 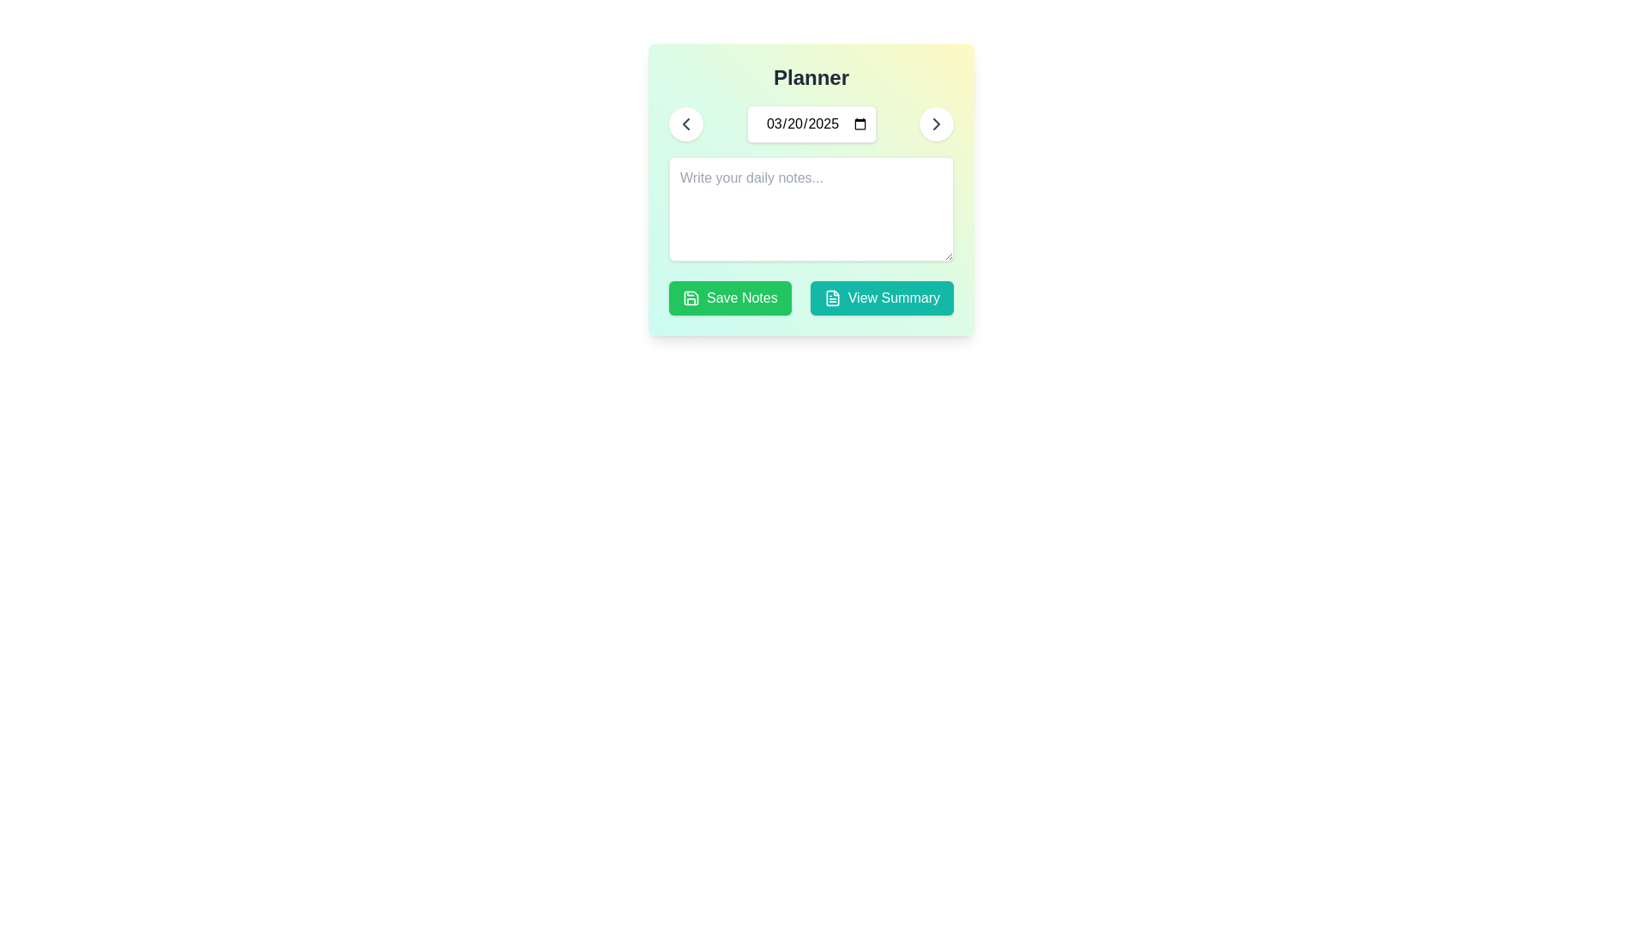 I want to click on the right circular button at the top of the planner interface containing the chevron icon, so click(x=935, y=123).